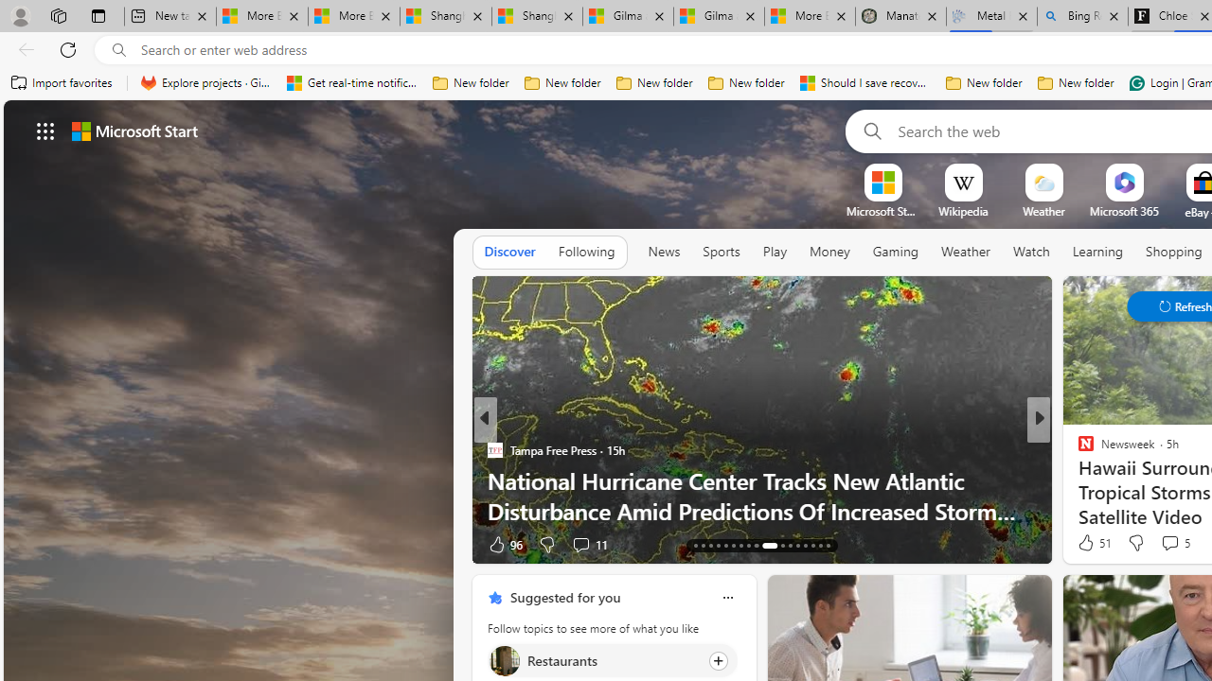 The width and height of the screenshot is (1212, 681). Describe the element at coordinates (819, 546) in the screenshot. I see `'AutomationID: tab-32'` at that location.